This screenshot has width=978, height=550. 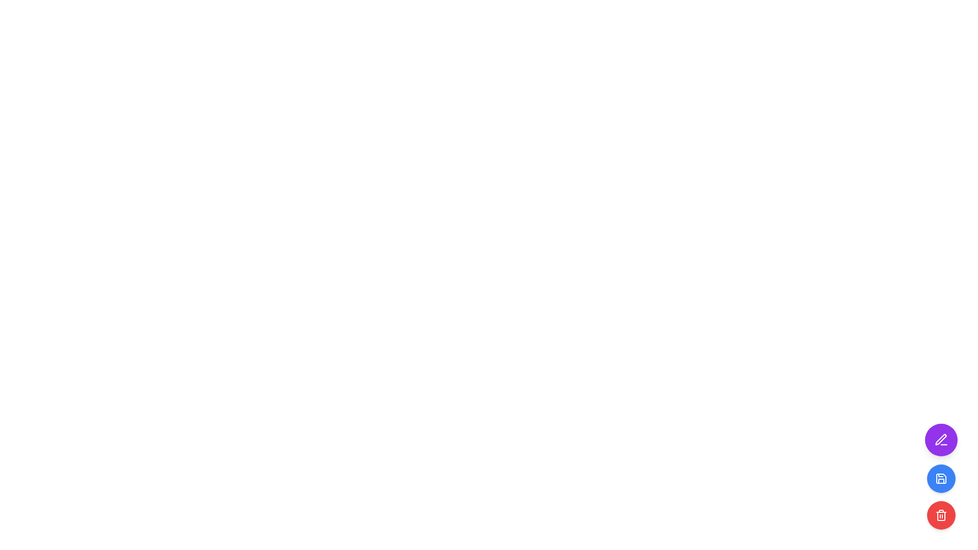 I want to click on the save button located in the lower right quadrant of the interface, positioned between the purple 'edit' button above and the red 'delete' button below, so click(x=941, y=479).